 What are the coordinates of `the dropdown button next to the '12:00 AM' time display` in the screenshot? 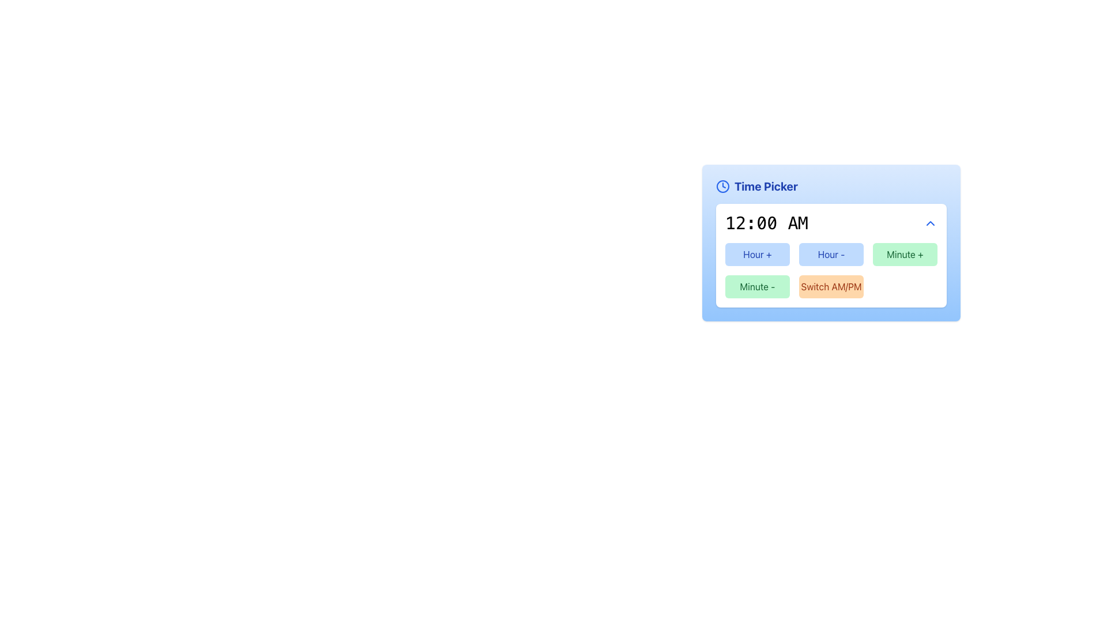 It's located at (831, 223).